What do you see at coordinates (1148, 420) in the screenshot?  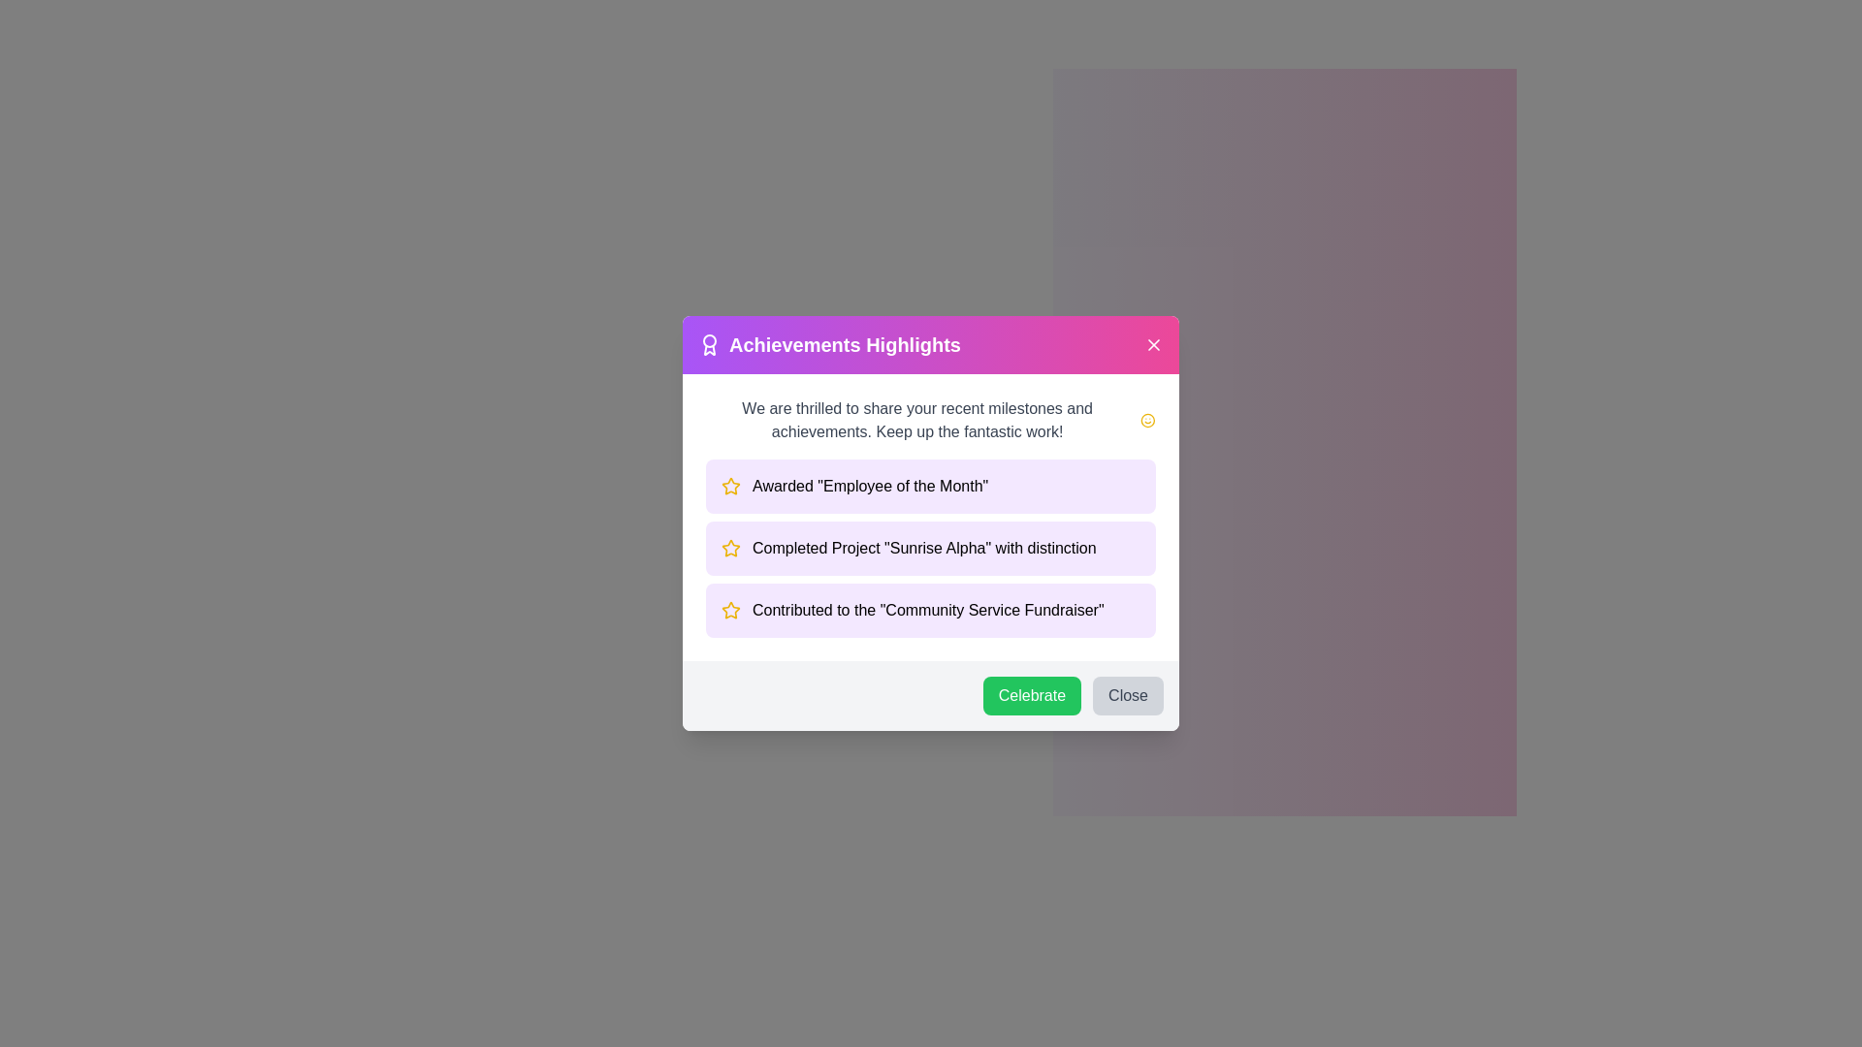 I see `the central circular element of the yellow smiley face SVG icon located in the top-right corner of the 'Achievements Highlights' modal box` at bounding box center [1148, 420].